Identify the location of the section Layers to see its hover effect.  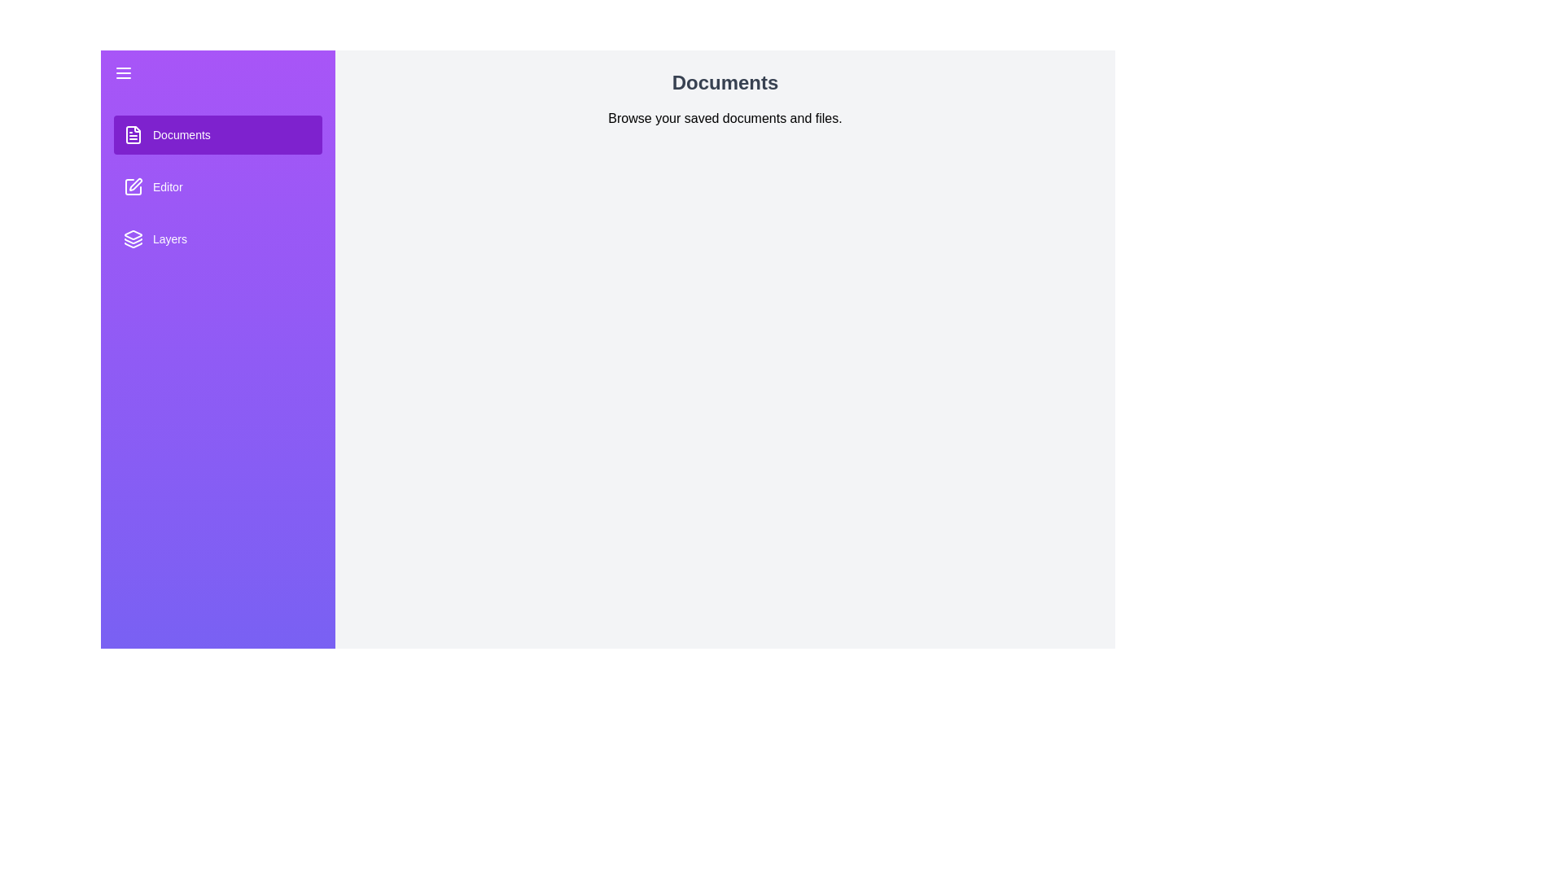
(217, 238).